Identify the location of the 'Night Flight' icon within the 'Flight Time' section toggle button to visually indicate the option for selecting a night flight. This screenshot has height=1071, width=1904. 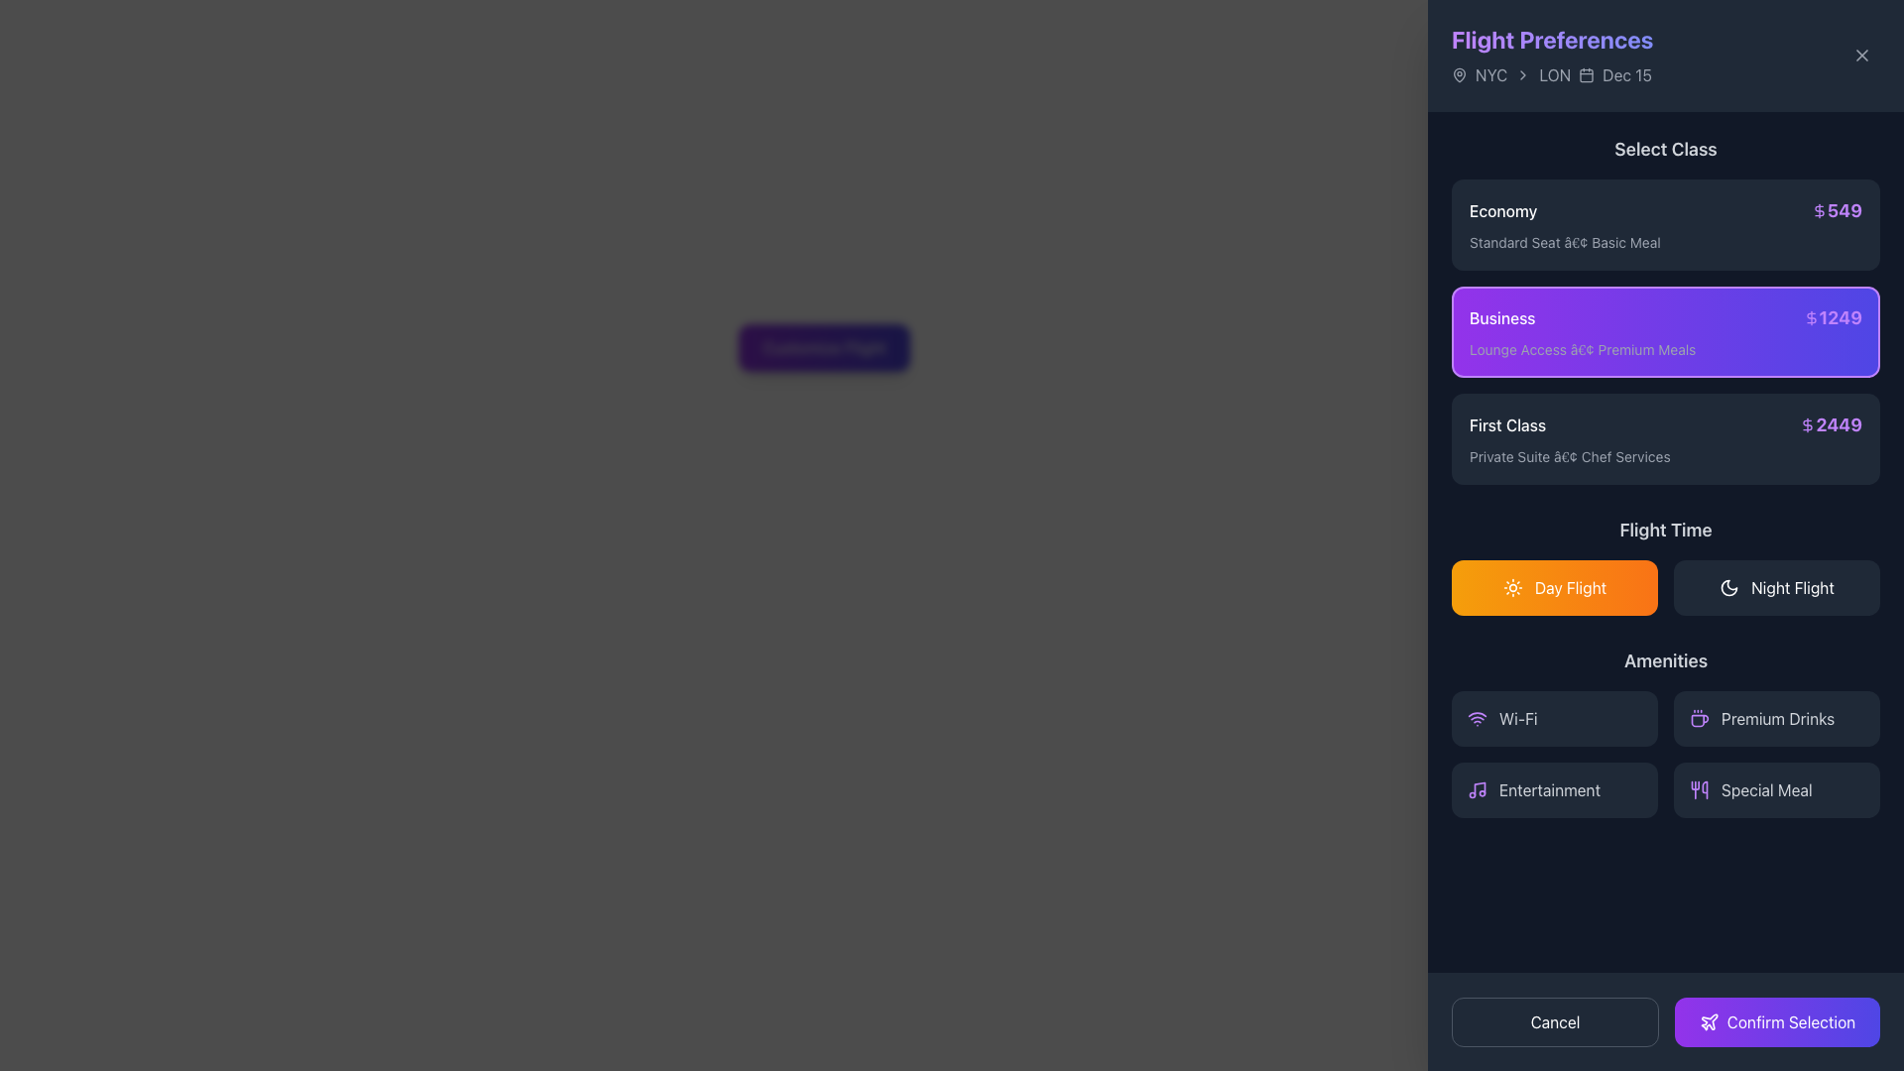
(1728, 587).